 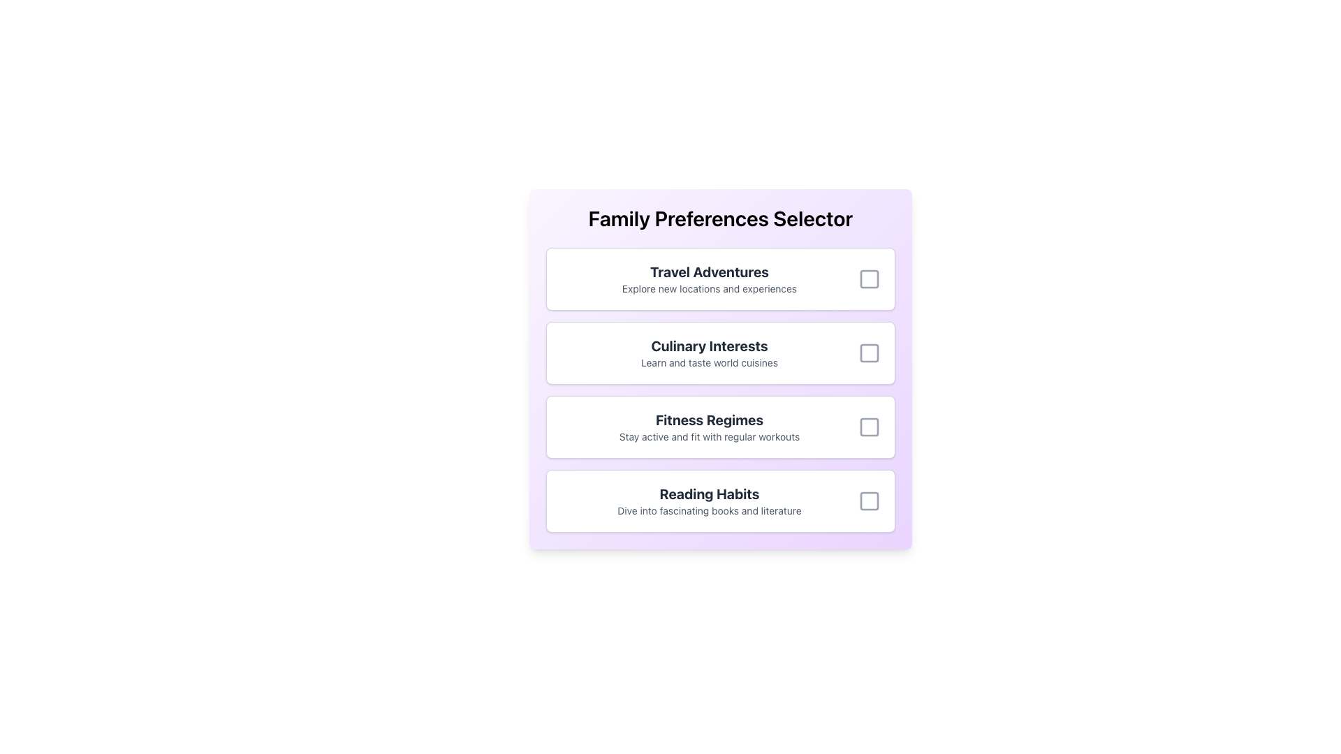 I want to click on the checkbox in the 'Travel Adventures' option, so click(x=868, y=279).